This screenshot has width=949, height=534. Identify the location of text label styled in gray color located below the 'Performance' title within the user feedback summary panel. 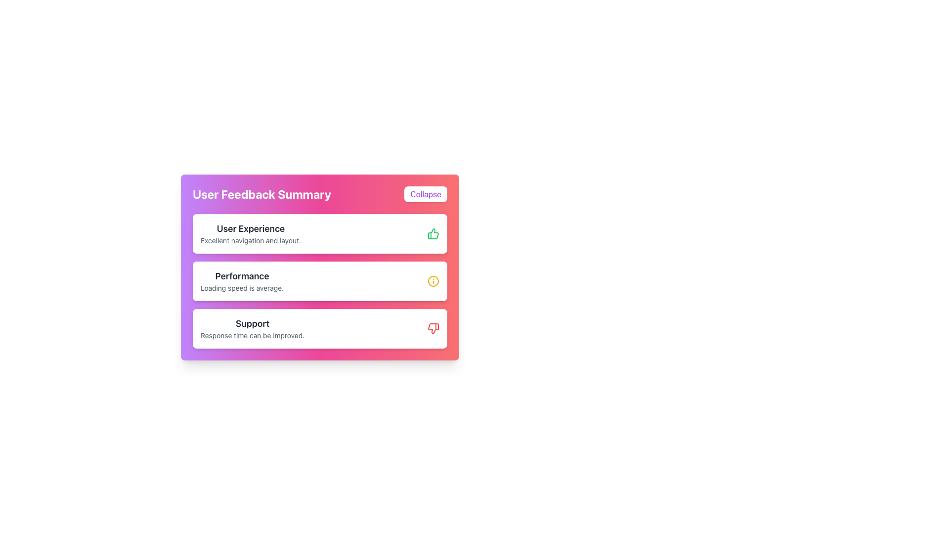
(242, 288).